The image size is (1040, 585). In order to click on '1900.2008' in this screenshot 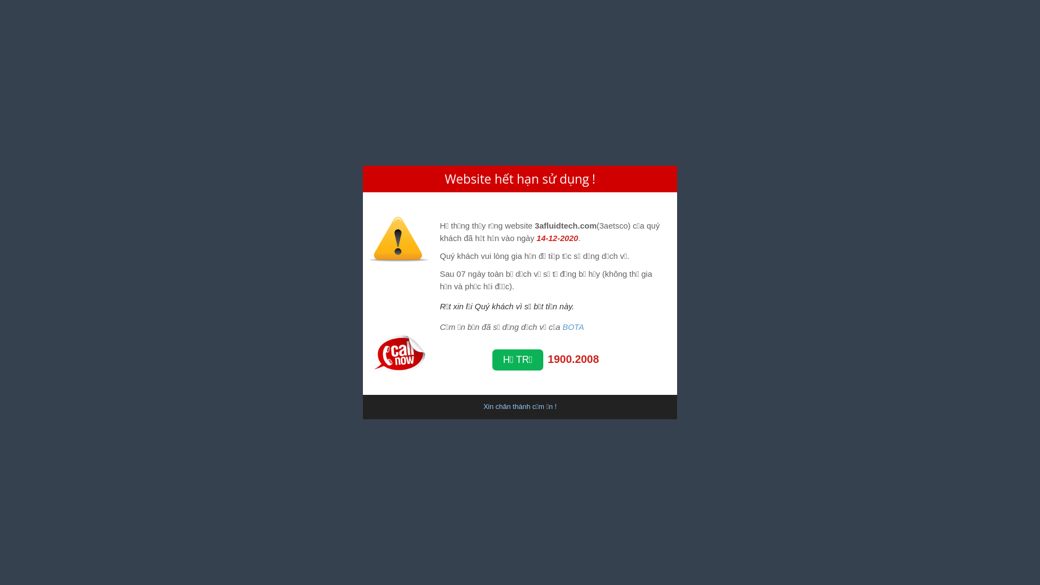, I will do `click(573, 359)`.